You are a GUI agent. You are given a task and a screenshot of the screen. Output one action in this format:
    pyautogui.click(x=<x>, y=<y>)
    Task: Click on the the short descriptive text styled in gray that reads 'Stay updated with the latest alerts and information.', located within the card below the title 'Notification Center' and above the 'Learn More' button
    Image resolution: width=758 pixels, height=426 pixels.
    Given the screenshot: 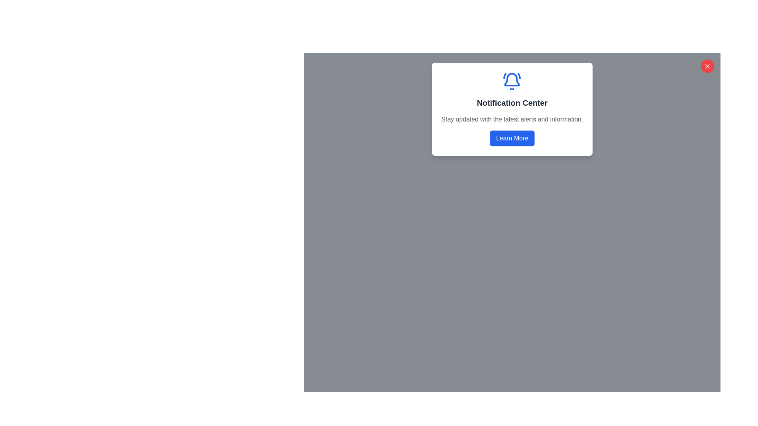 What is the action you would take?
    pyautogui.click(x=512, y=120)
    